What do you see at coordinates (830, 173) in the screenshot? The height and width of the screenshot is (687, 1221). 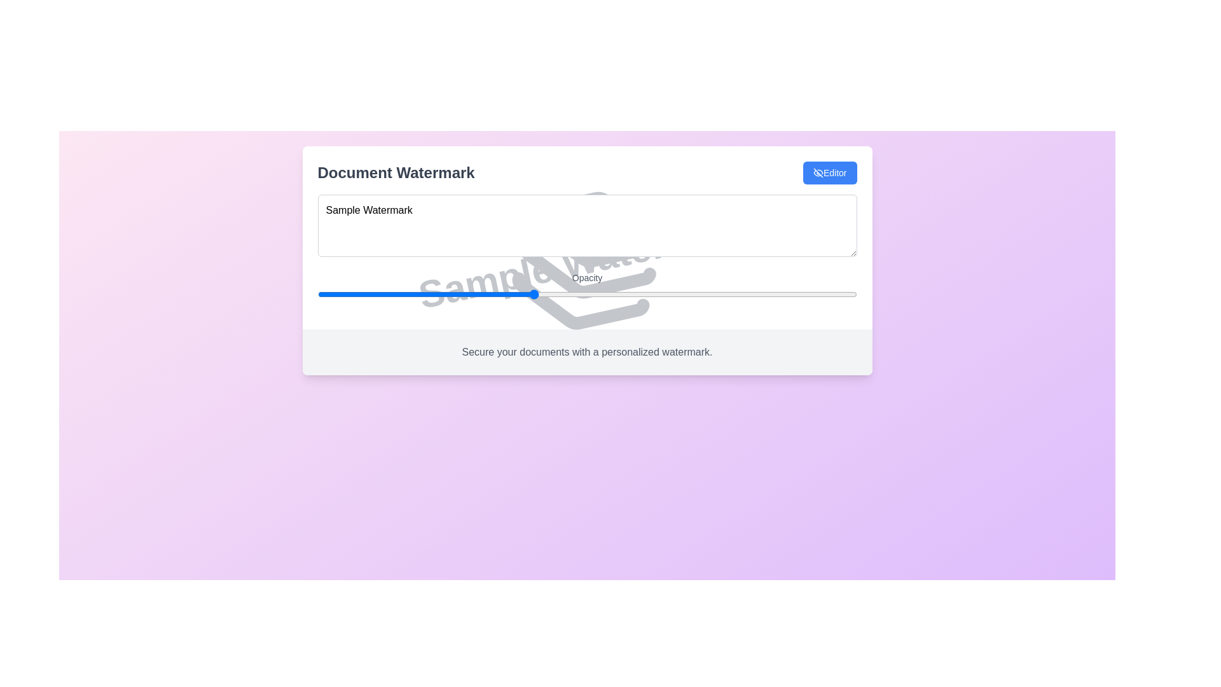 I see `the toggle button located at the top-right corner of the 'Document Watermark' card` at bounding box center [830, 173].